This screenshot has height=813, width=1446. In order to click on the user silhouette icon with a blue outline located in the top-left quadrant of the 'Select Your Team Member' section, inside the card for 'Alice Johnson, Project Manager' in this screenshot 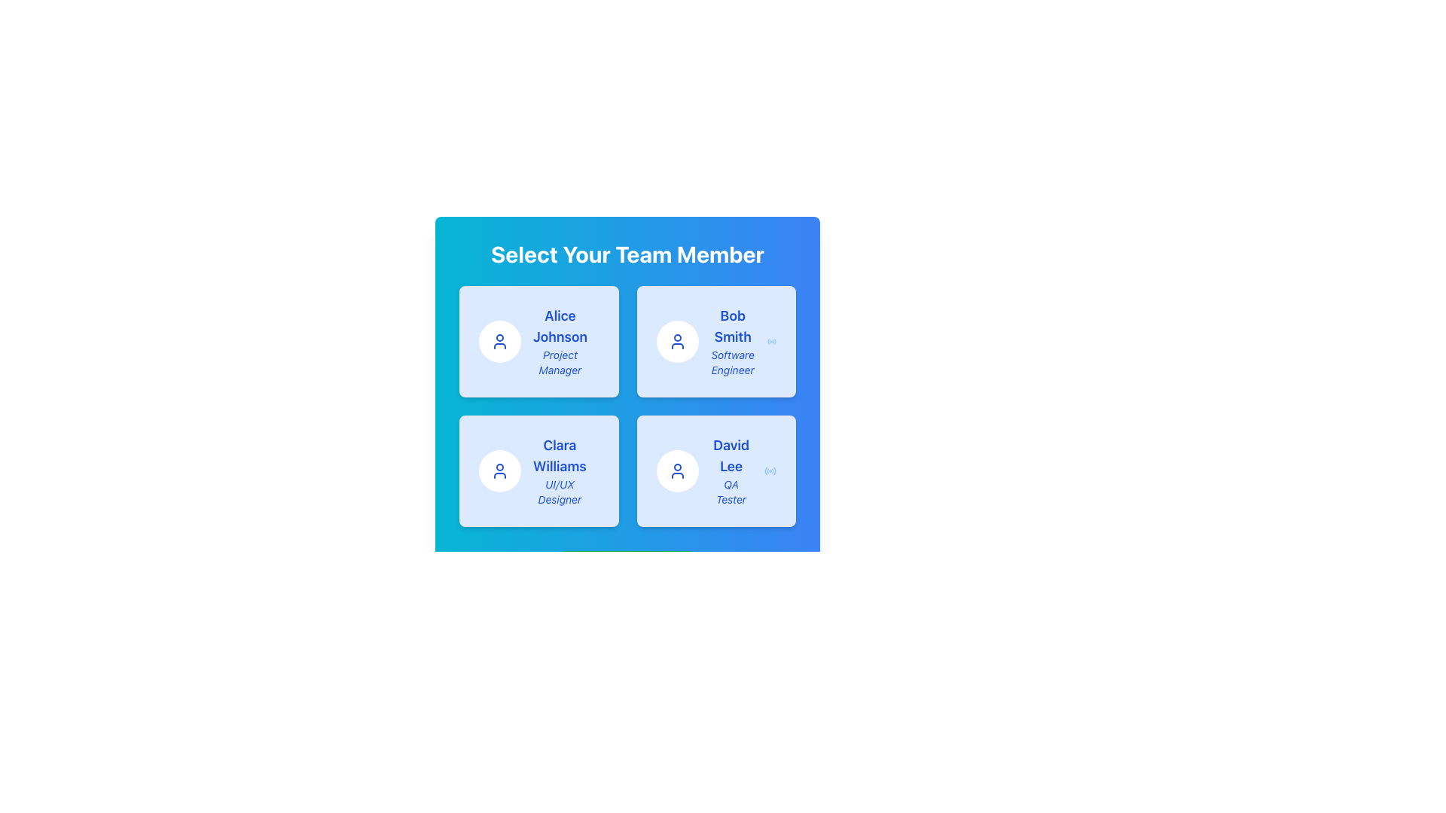, I will do `click(499, 342)`.